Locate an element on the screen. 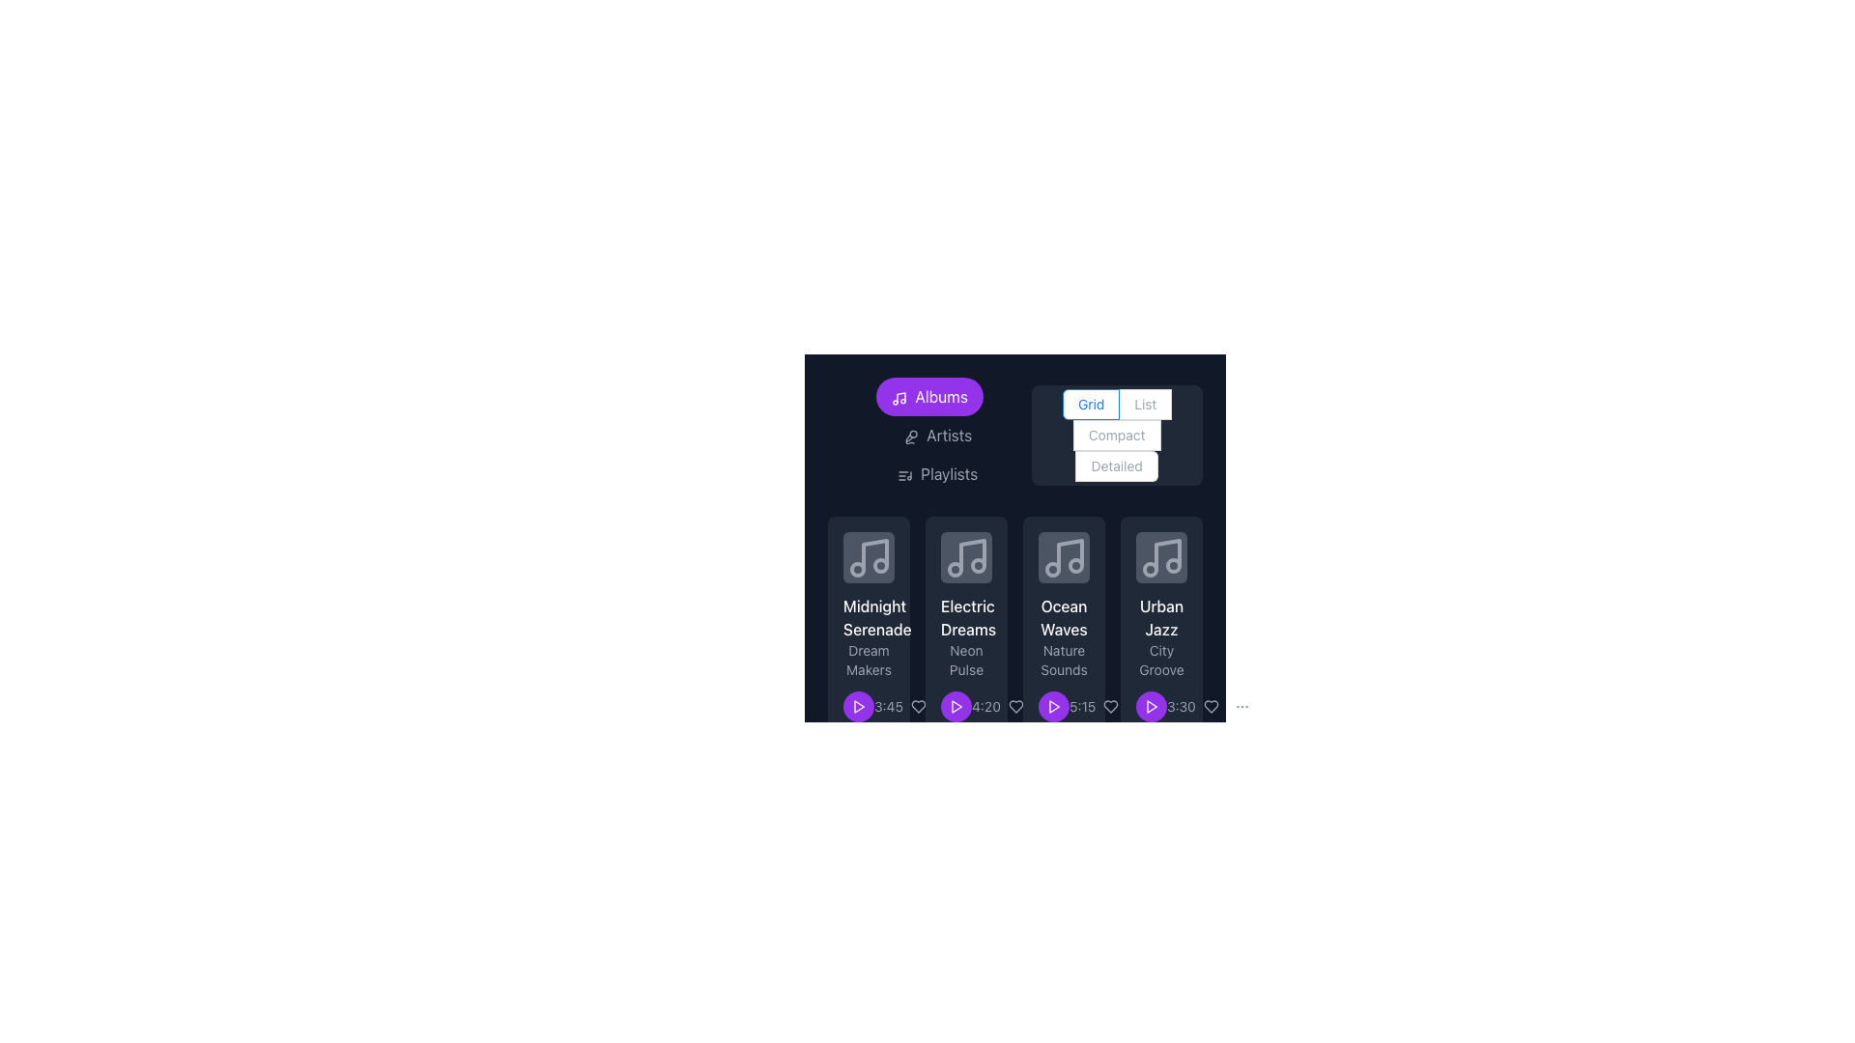 The width and height of the screenshot is (1855, 1043). the heart-shaped icon located at the bottom section of the rightmost card, positioned to the right of the purple play button and the time display ('3:30') is located at coordinates (1014, 707).